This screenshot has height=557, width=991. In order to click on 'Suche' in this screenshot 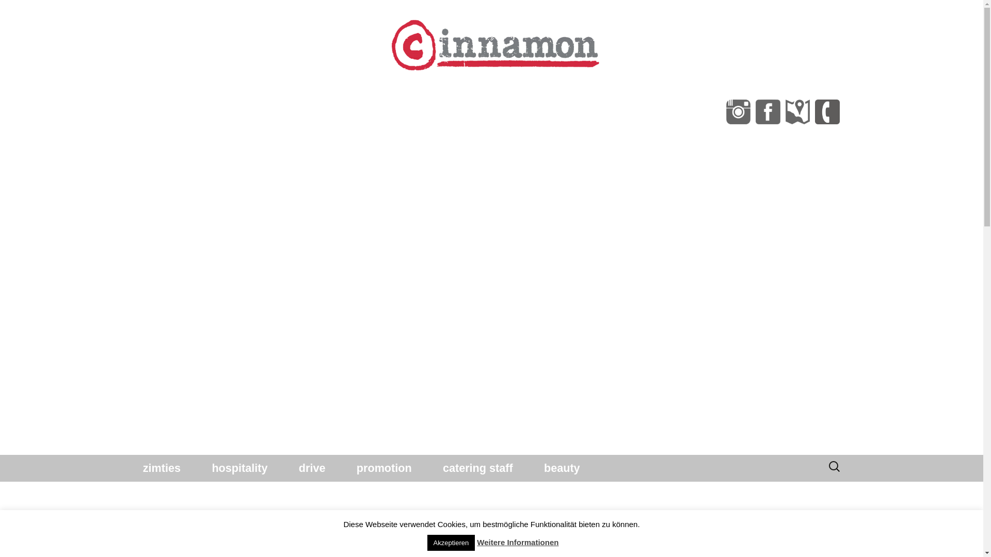, I will do `click(0, 10)`.